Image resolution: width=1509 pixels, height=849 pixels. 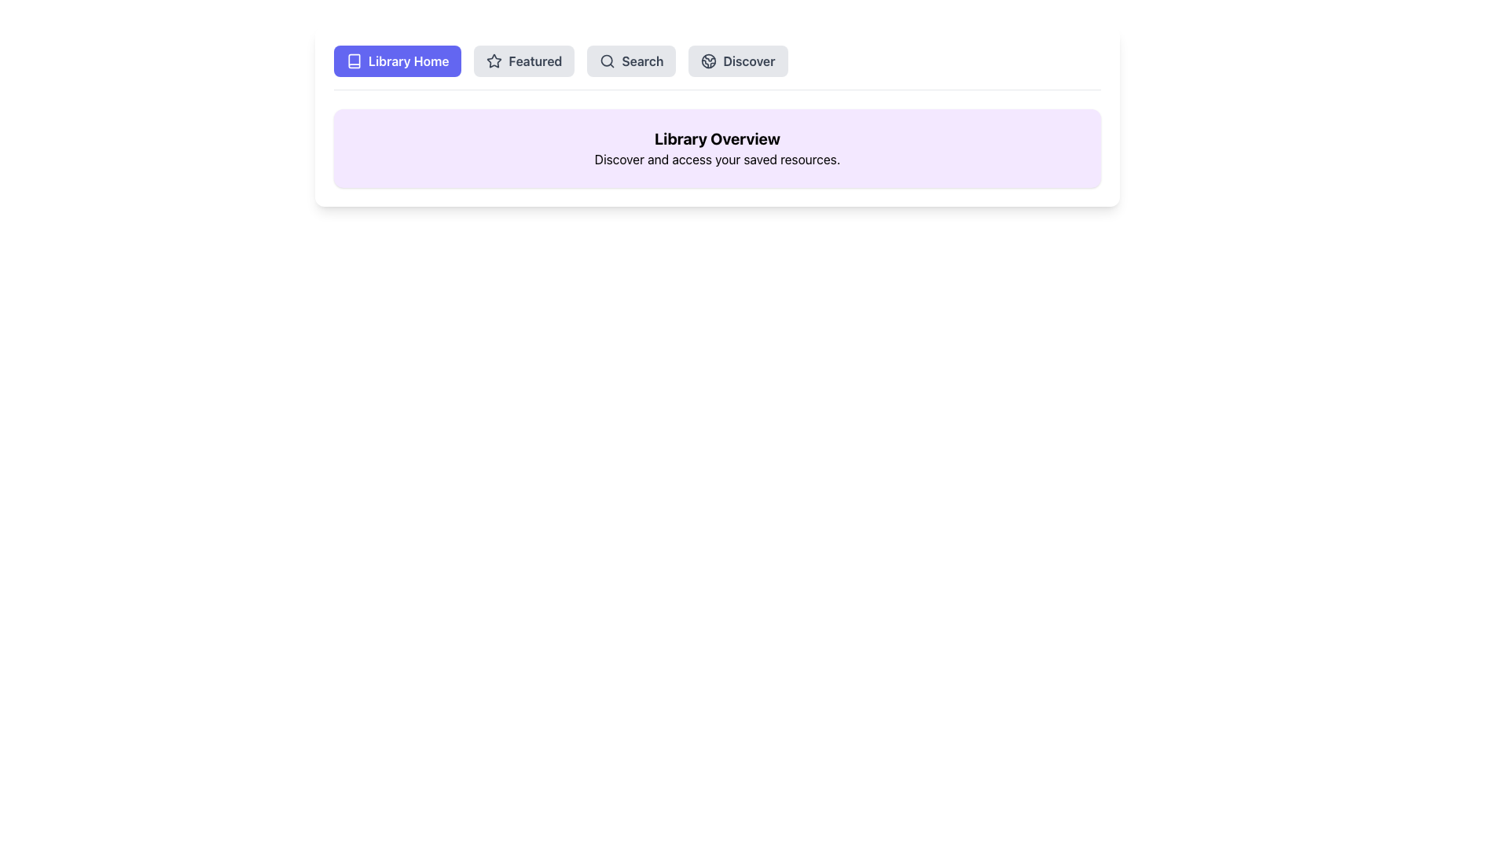 What do you see at coordinates (398, 60) in the screenshot?
I see `the 'Library Home' button` at bounding box center [398, 60].